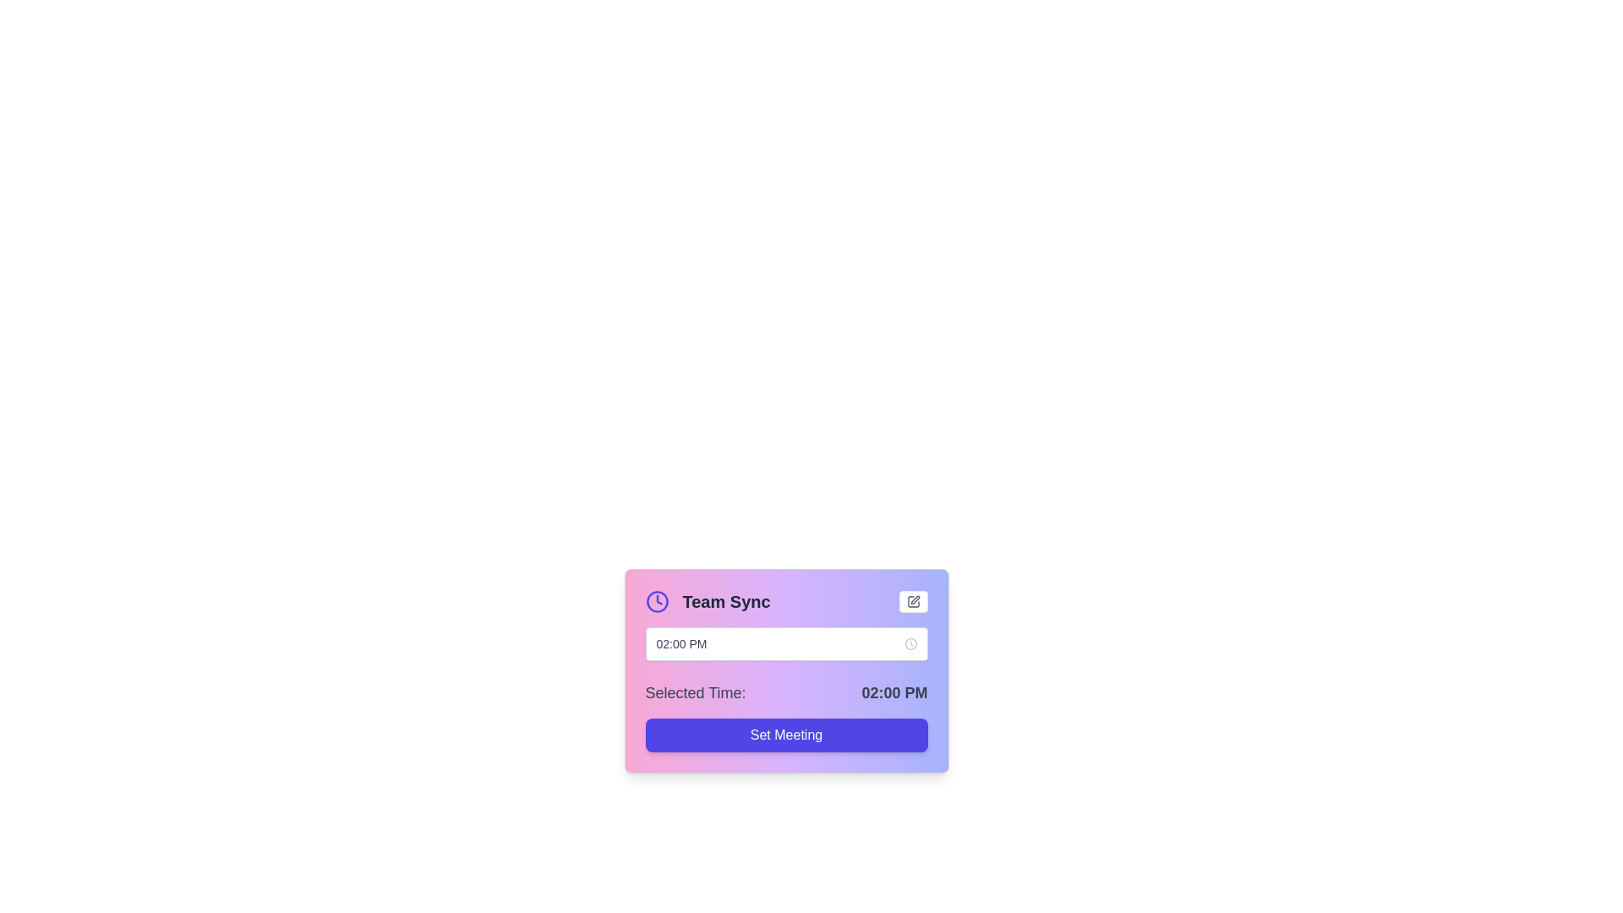  What do you see at coordinates (912, 601) in the screenshot?
I see `the pencil-like icon button in the top-right corner of the colorful card interface` at bounding box center [912, 601].